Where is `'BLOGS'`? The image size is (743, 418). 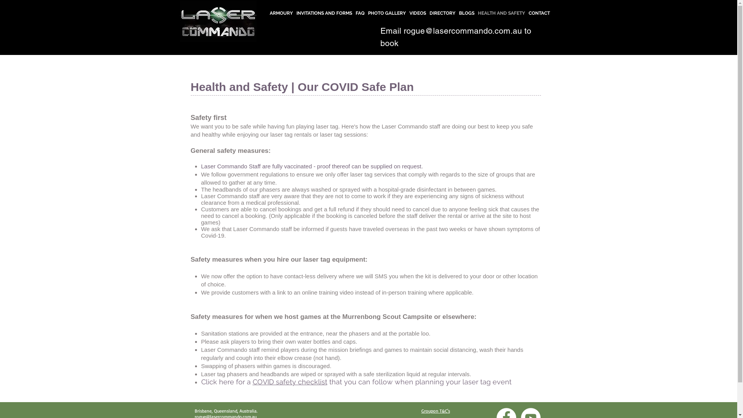 'BLOGS' is located at coordinates (466, 13).